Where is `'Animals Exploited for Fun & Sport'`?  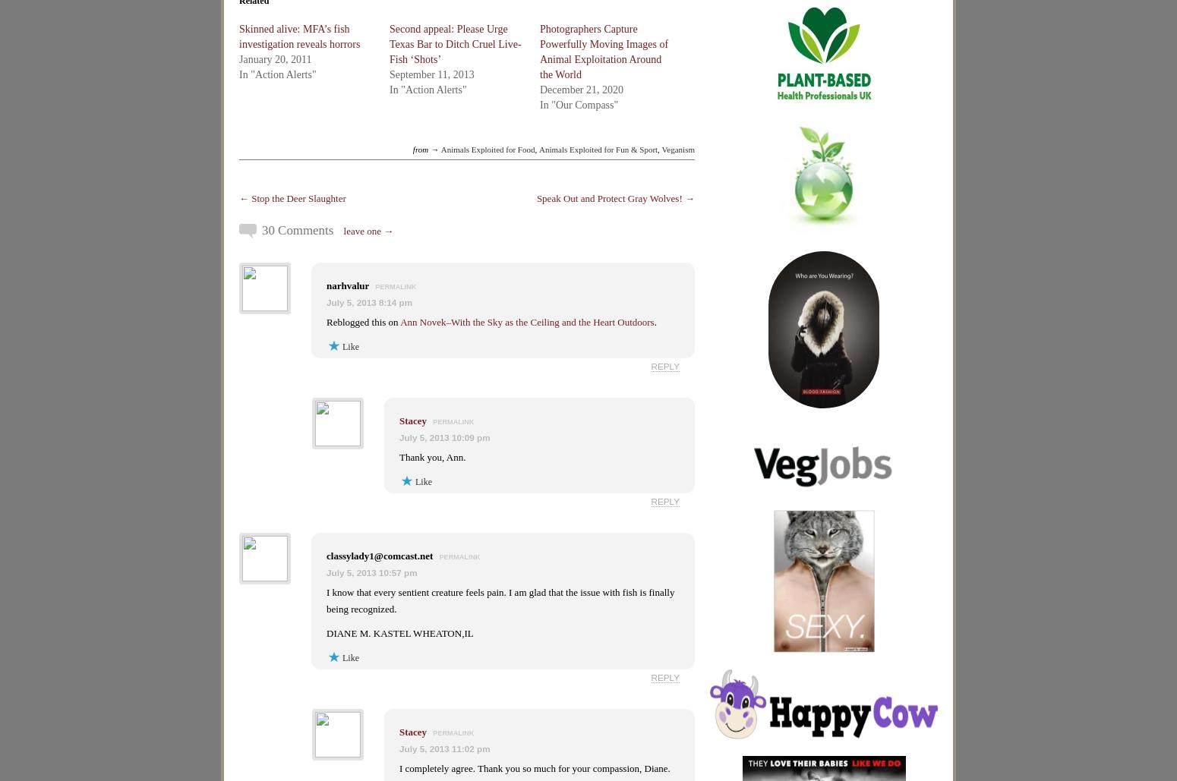 'Animals Exploited for Fun & Sport' is located at coordinates (597, 149).